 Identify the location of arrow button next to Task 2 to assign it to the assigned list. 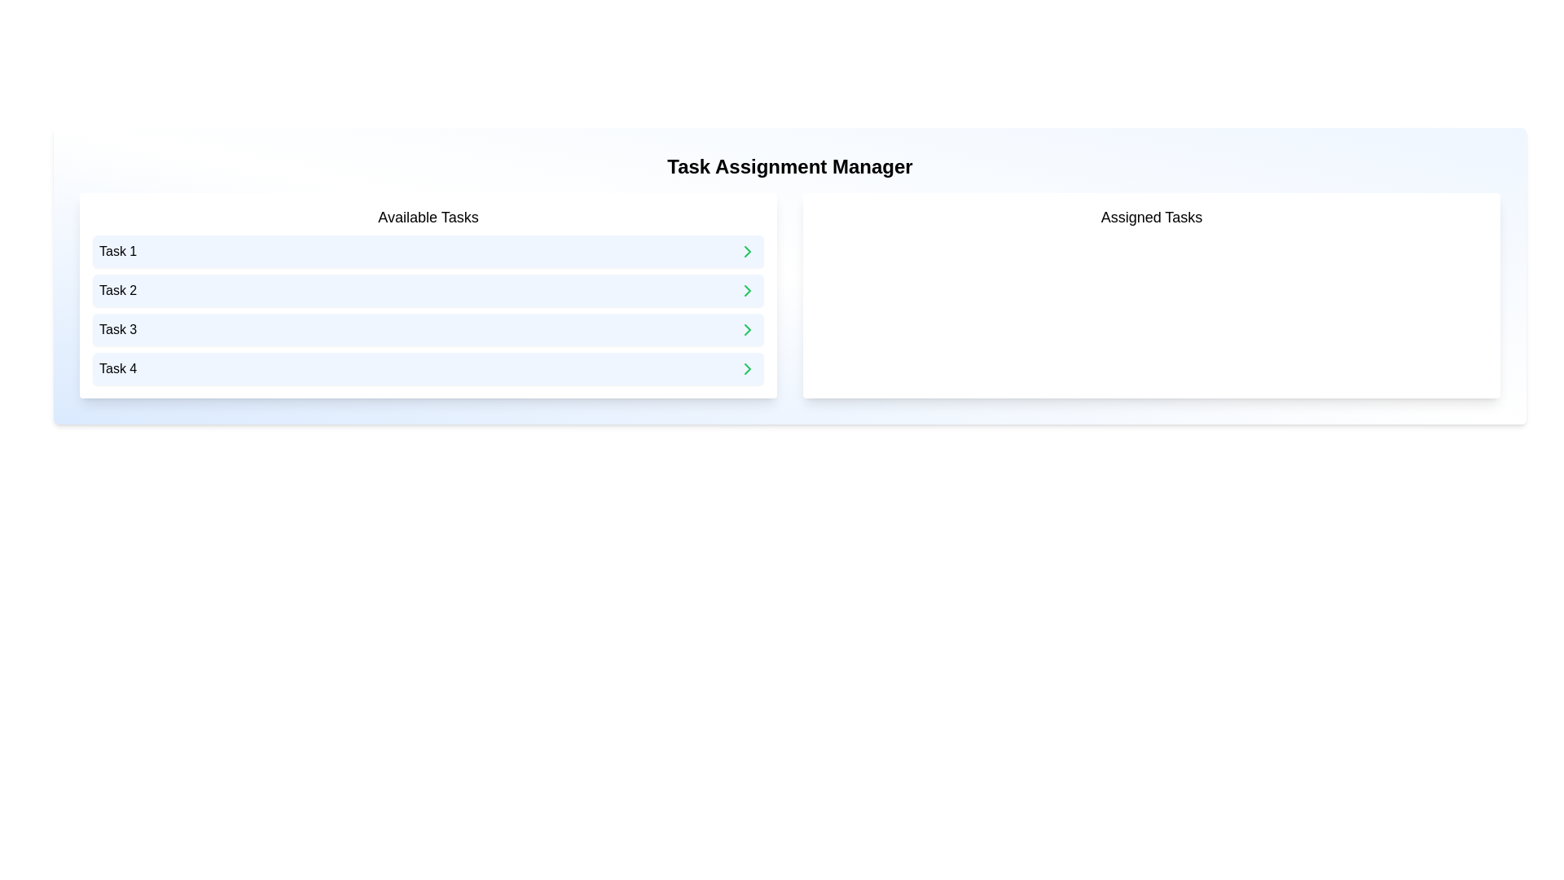
(746, 290).